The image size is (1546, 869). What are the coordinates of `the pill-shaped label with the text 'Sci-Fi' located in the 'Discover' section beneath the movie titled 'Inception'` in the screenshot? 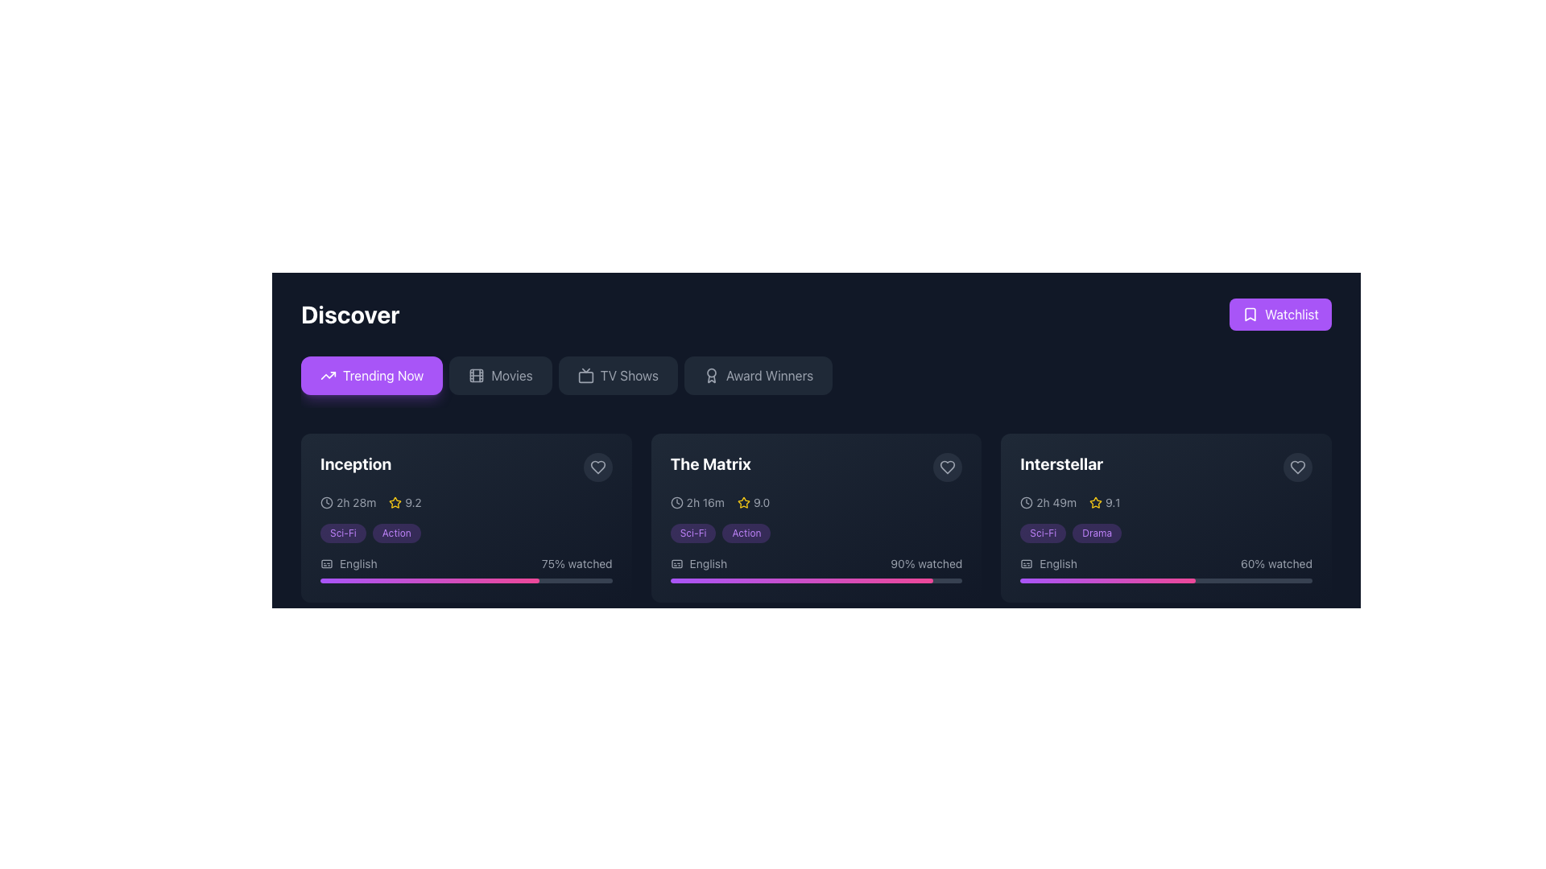 It's located at (342, 533).